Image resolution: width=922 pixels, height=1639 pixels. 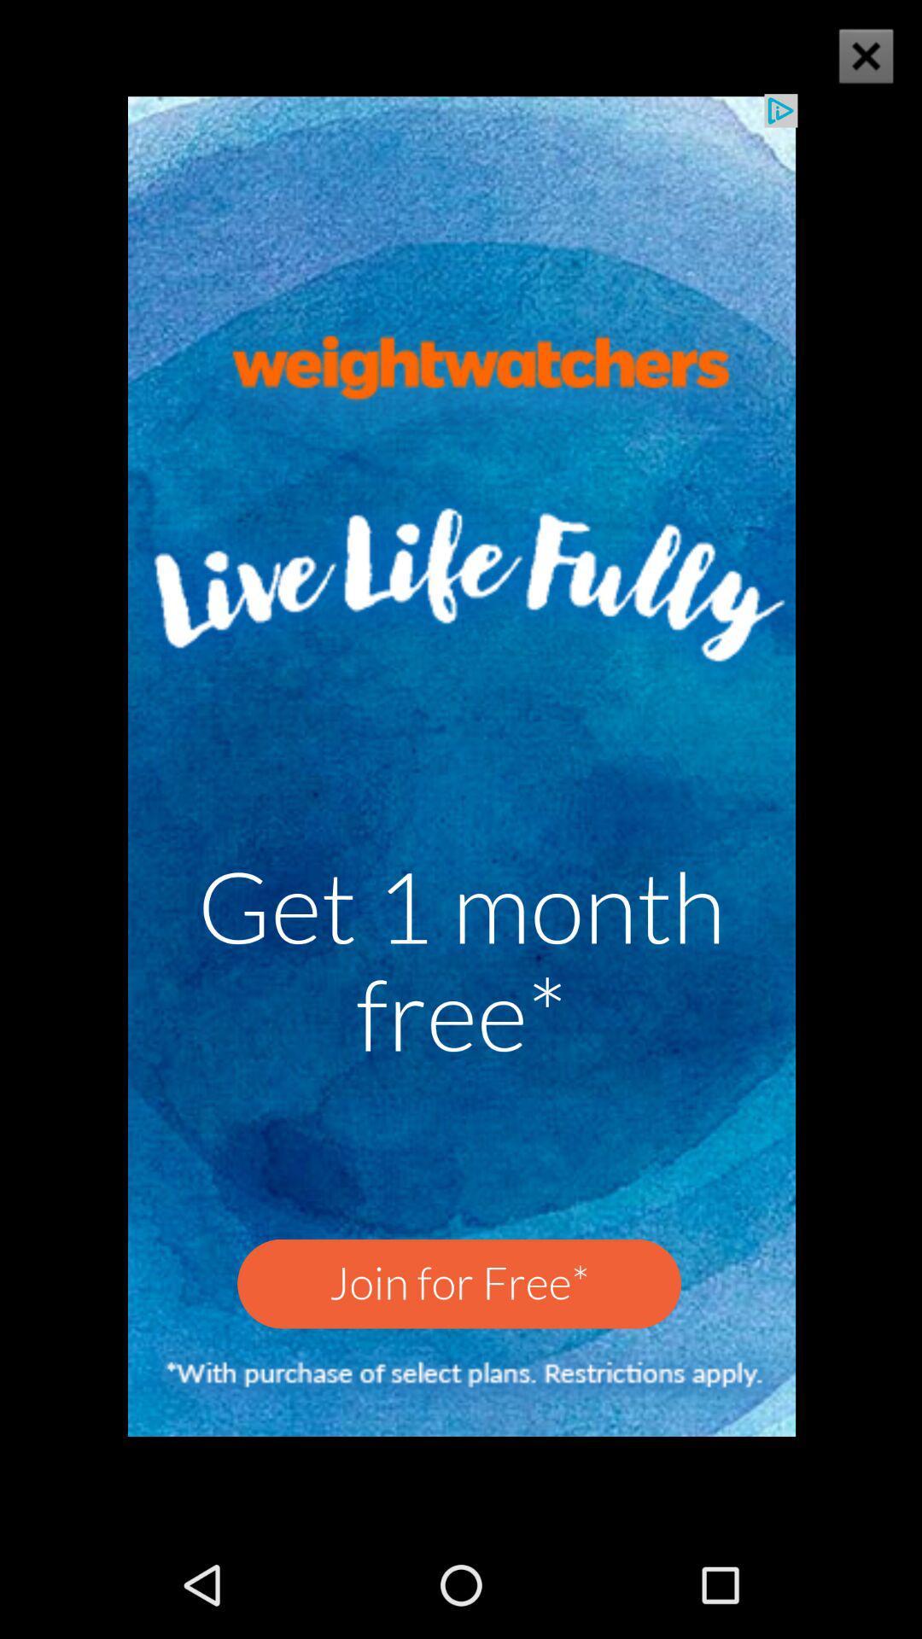 I want to click on the close icon, so click(x=866, y=60).